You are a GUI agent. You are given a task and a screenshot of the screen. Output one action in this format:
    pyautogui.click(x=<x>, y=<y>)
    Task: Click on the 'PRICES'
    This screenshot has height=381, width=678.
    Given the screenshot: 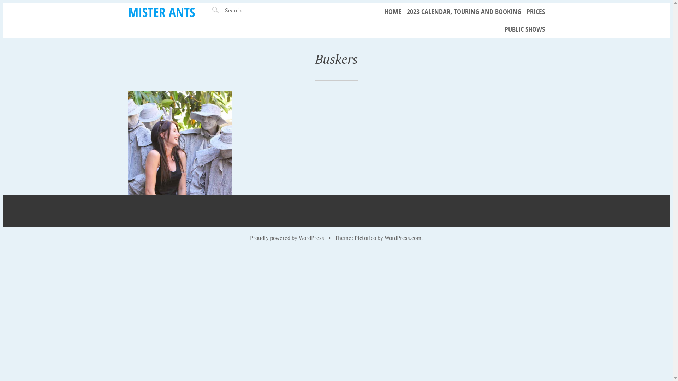 What is the action you would take?
    pyautogui.click(x=535, y=12)
    